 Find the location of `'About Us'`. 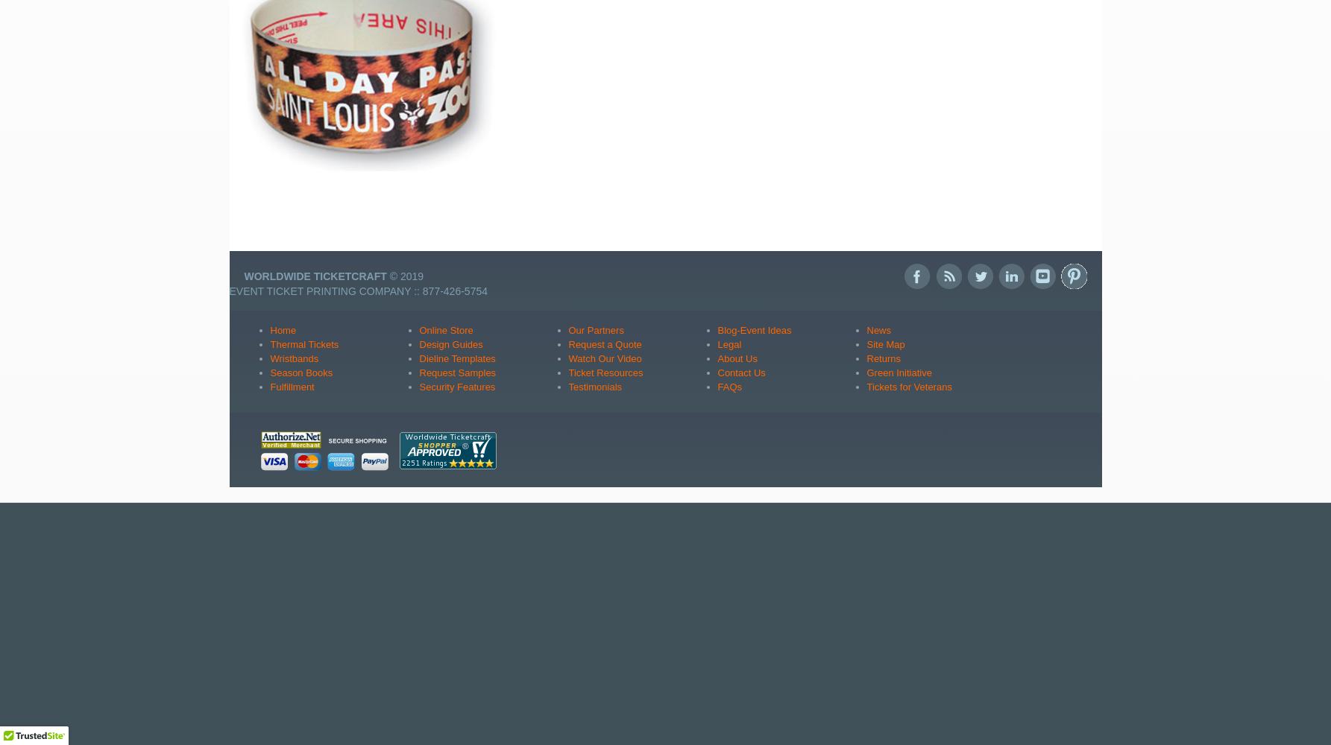

'About Us' is located at coordinates (736, 357).